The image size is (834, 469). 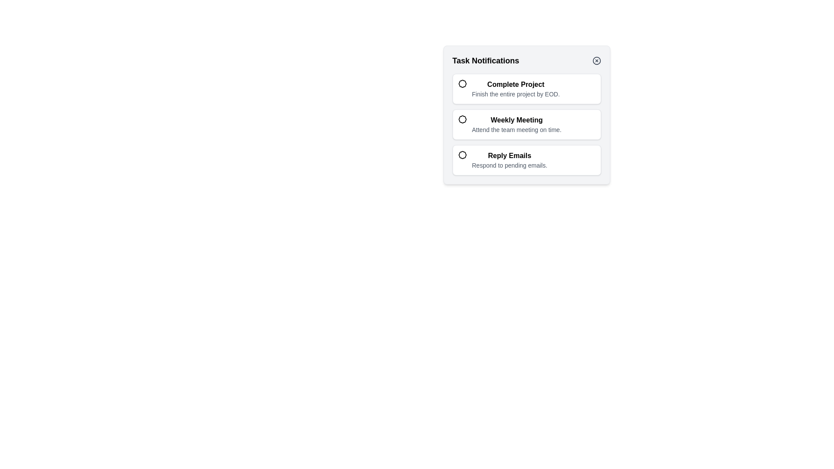 I want to click on the decorative icon or badge next to the 'Complete Project' item in the task list, so click(x=462, y=83).